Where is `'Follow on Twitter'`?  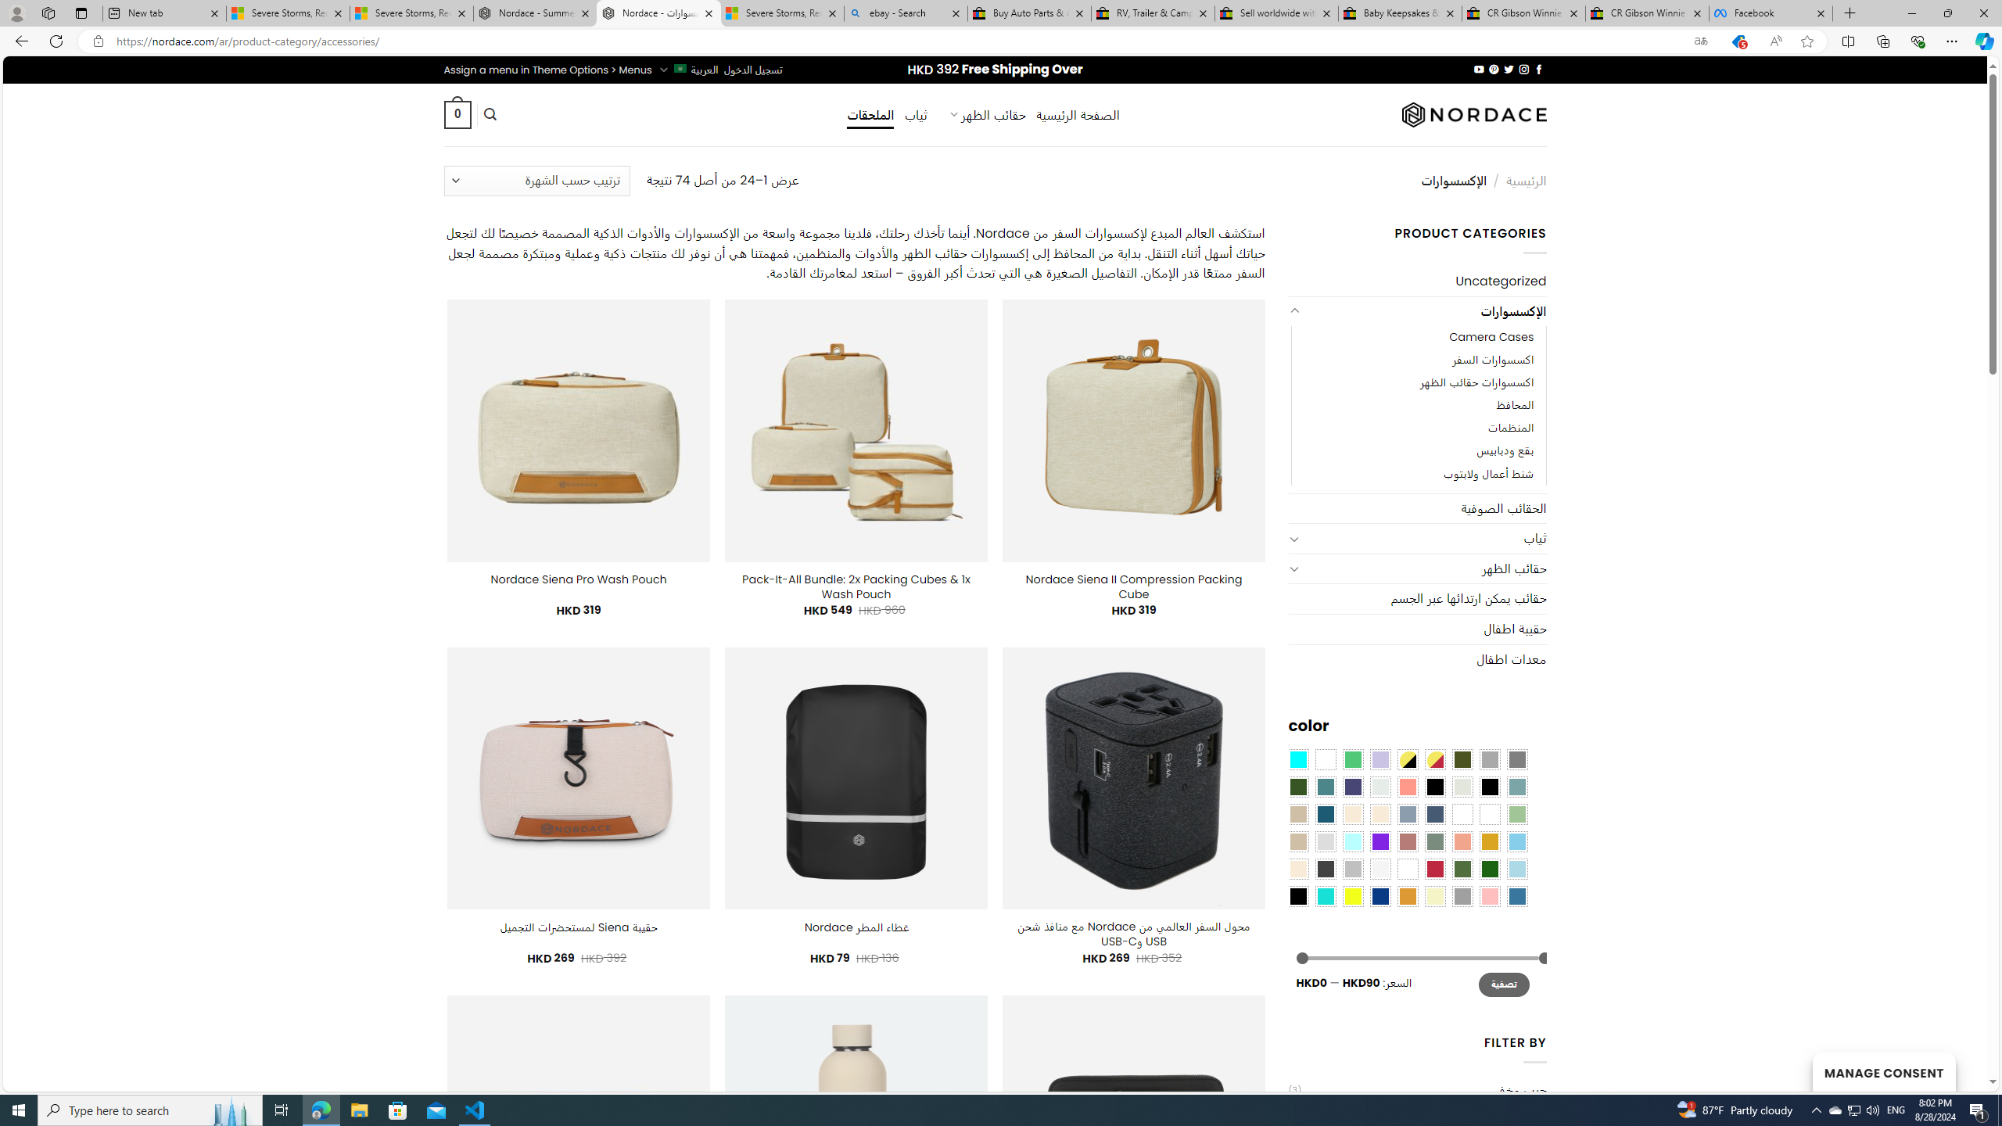 'Follow on Twitter' is located at coordinates (1508, 69).